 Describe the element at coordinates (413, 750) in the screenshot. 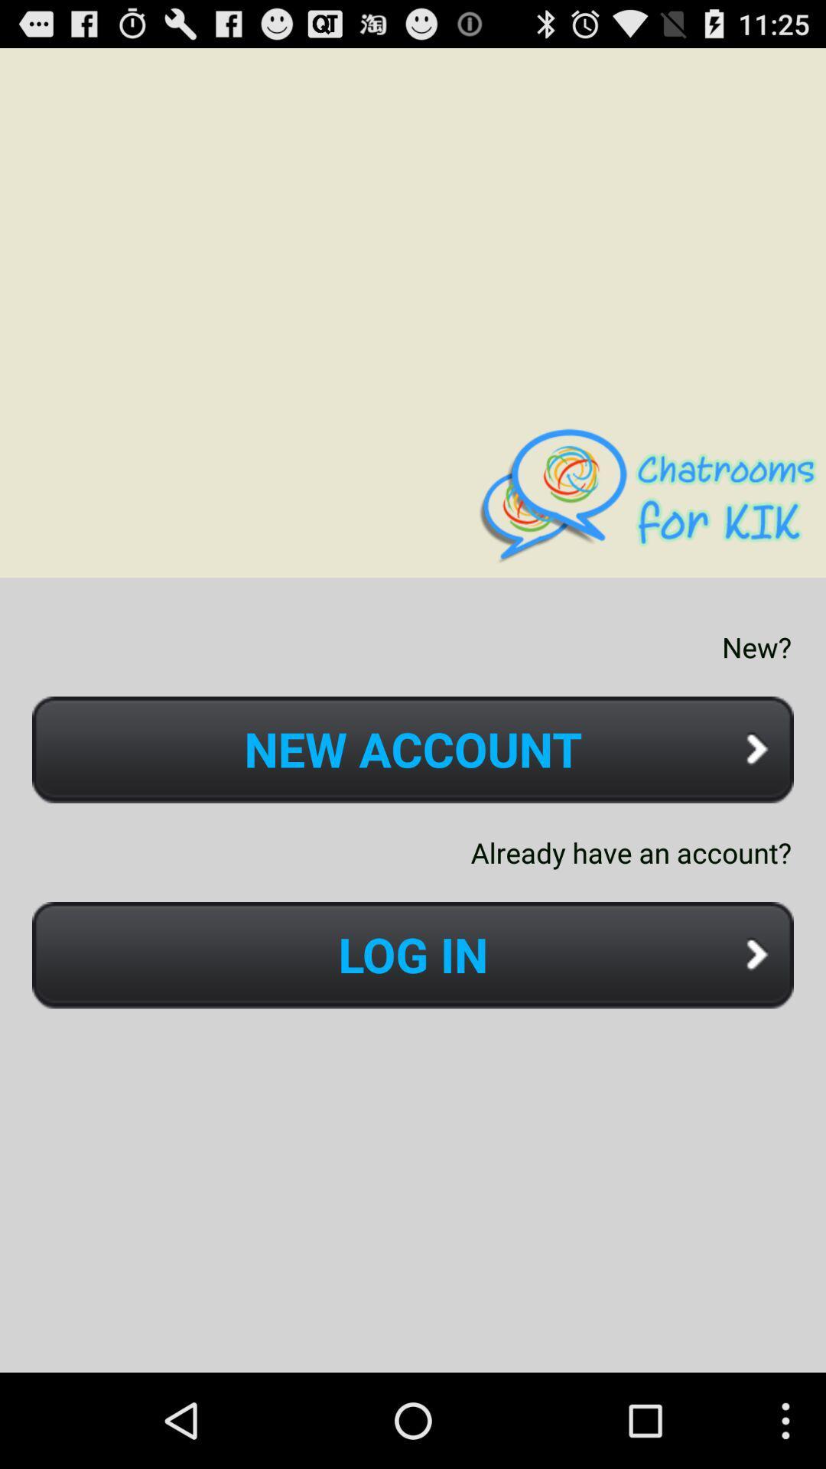

I see `icon below the new? app` at that location.